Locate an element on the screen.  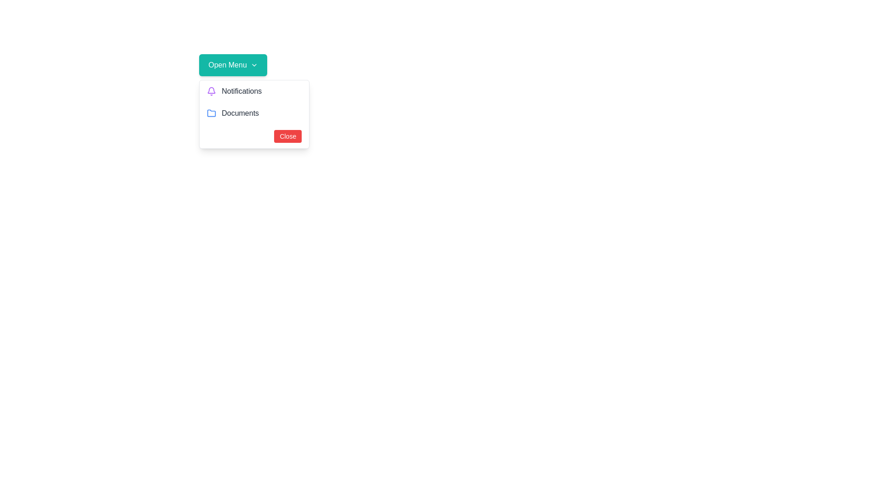
the notification icon located to the left of the 'Notifications' menu item in the dropdown menu is located at coordinates (211, 91).